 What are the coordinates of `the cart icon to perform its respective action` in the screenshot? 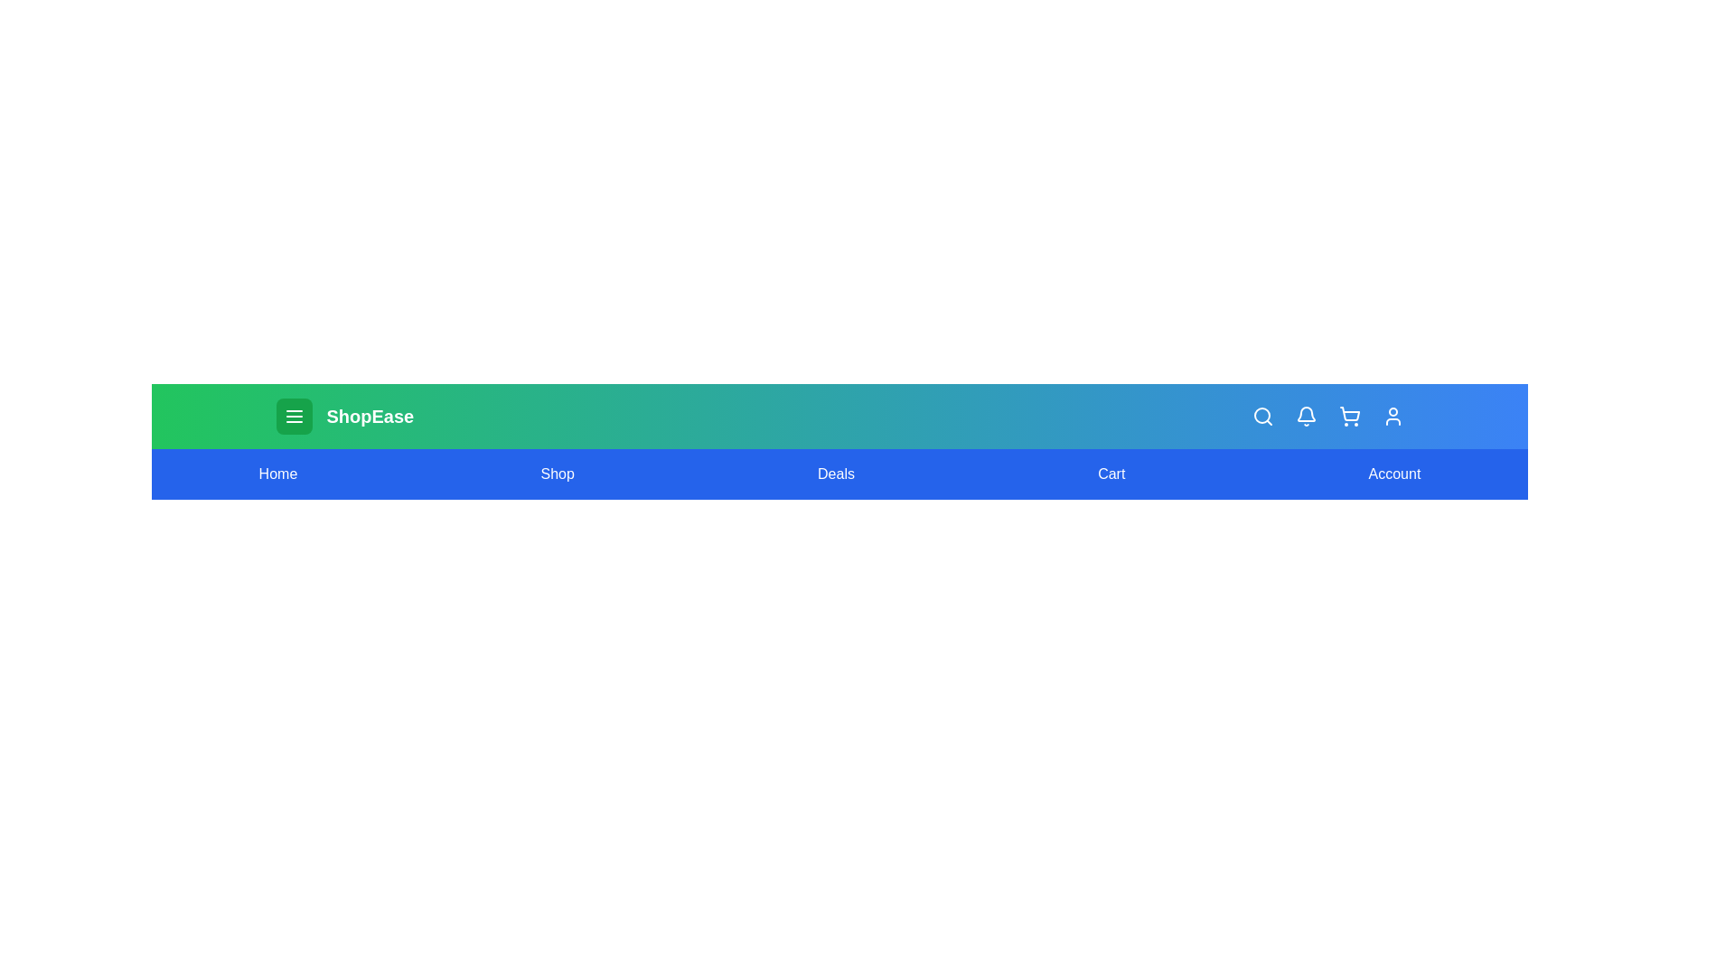 It's located at (1349, 417).